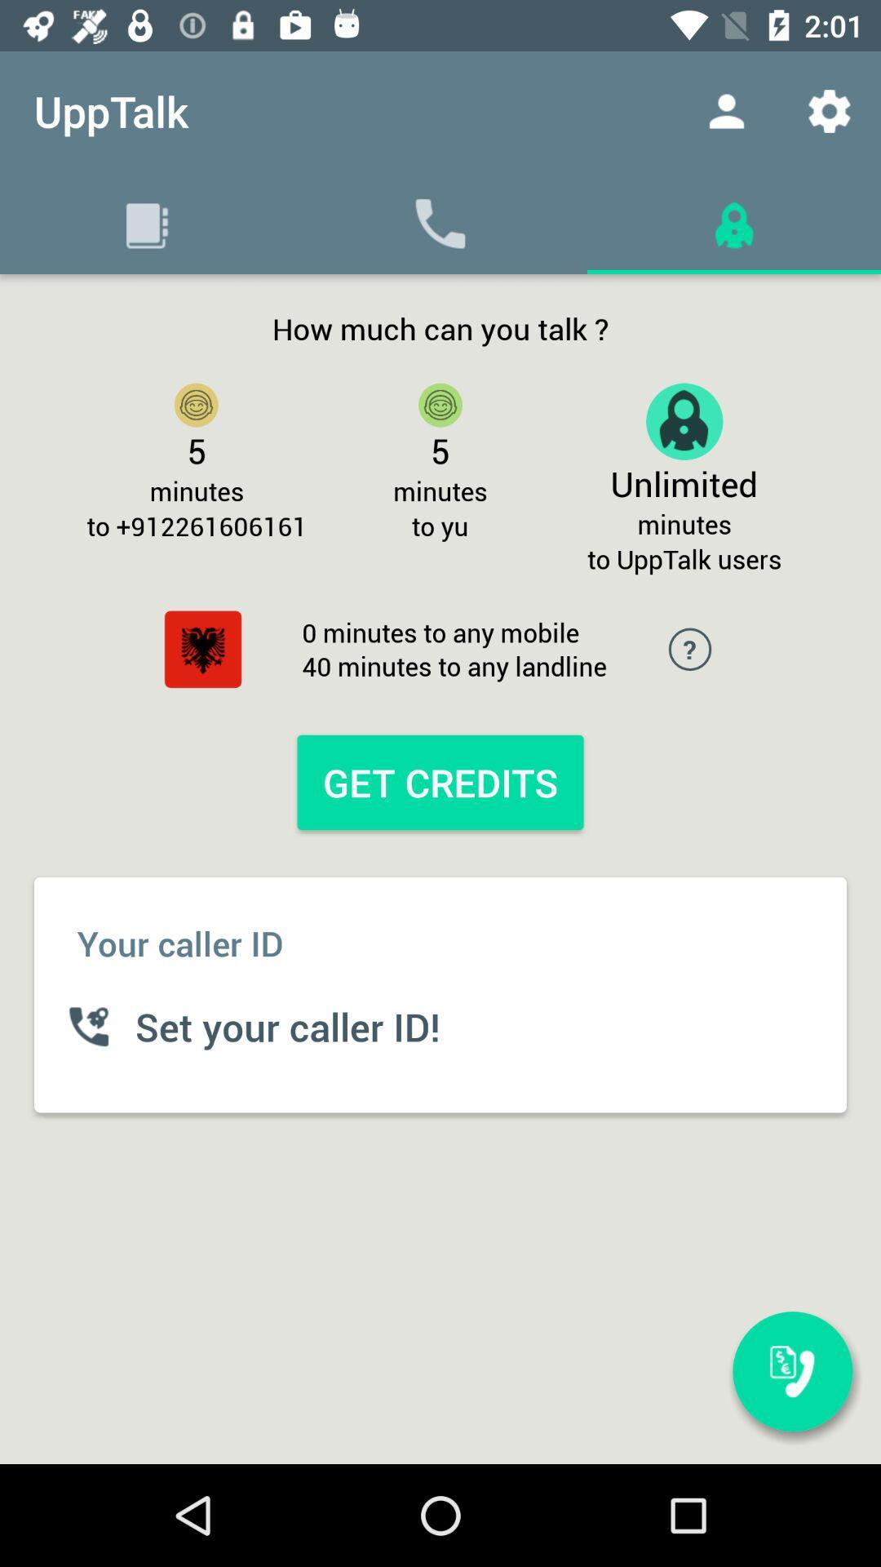 The width and height of the screenshot is (881, 1567). Describe the element at coordinates (147, 222) in the screenshot. I see `the contacts option from the top left` at that location.